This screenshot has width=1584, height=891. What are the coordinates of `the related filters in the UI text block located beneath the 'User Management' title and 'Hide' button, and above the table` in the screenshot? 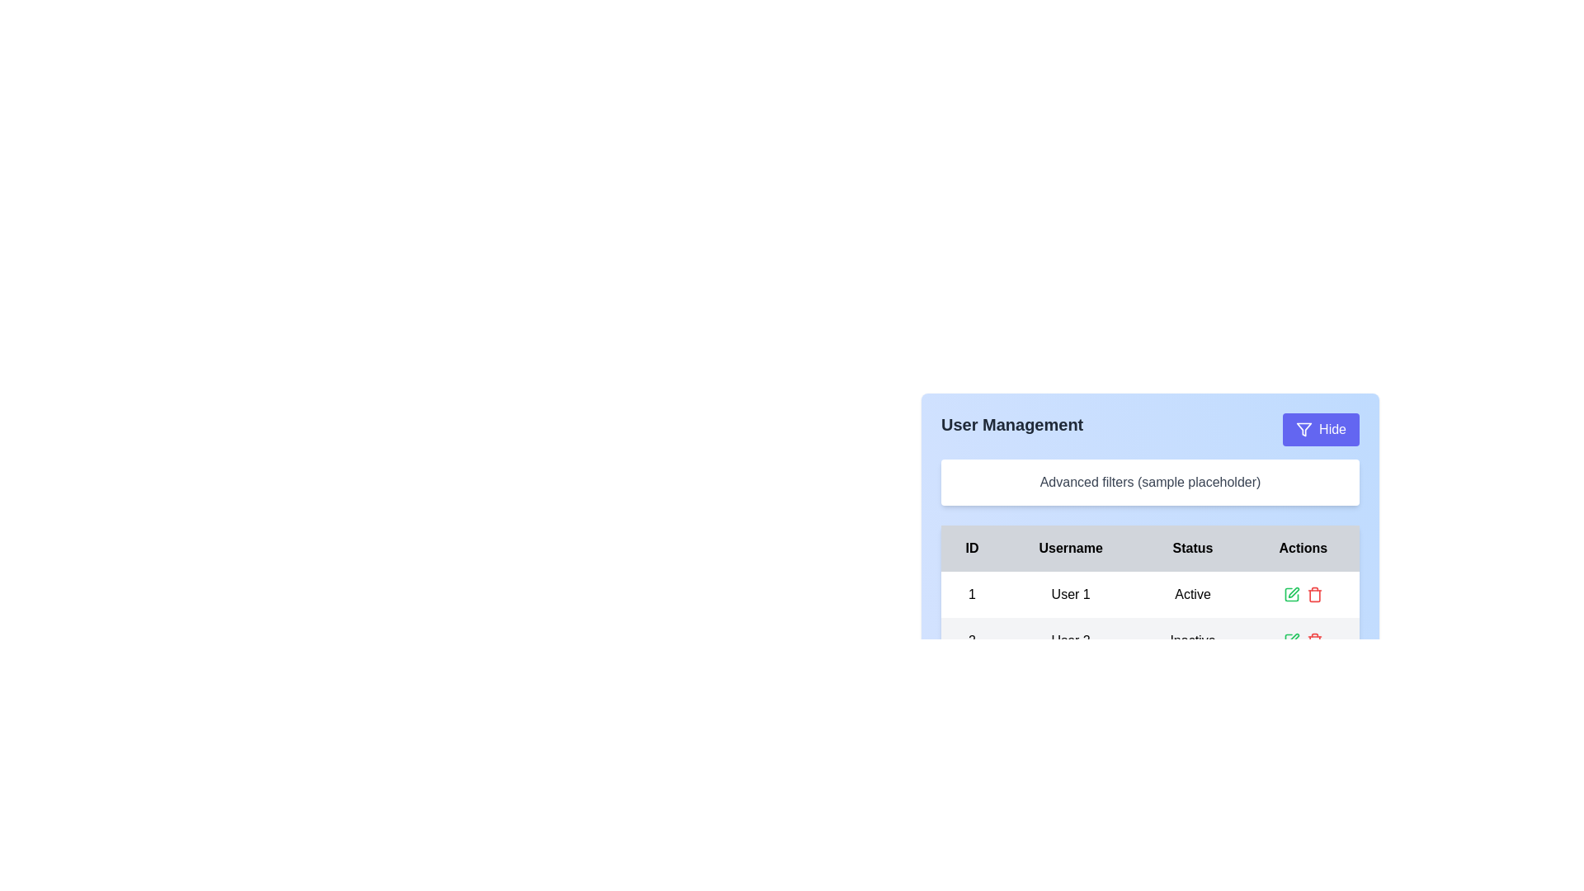 It's located at (1149, 483).